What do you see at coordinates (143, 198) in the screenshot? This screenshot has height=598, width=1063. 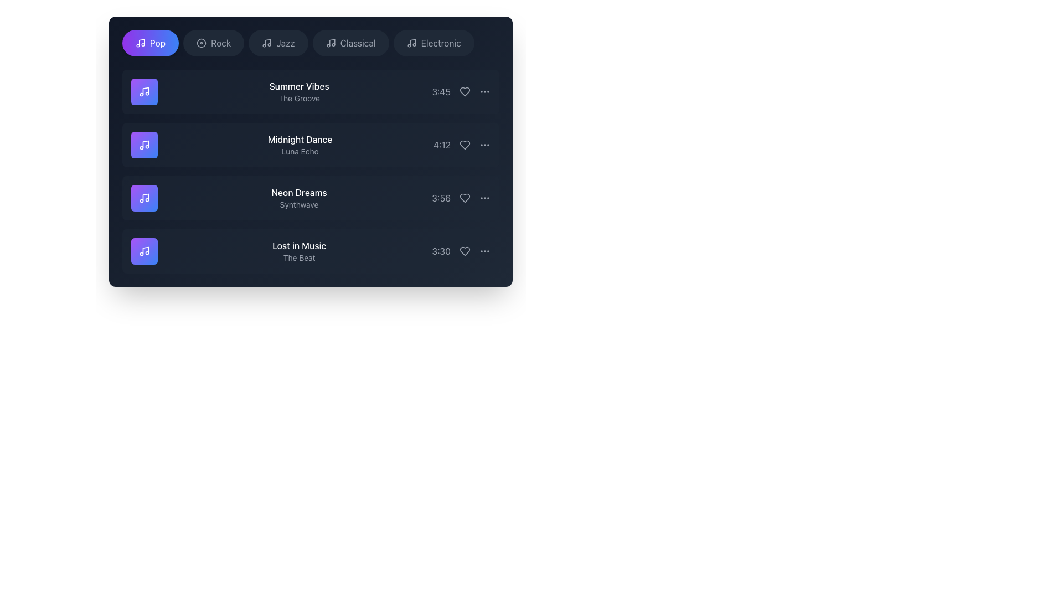 I see `the square icon with rounded corners featuring a gradient background from purple to blue, which contains a white music note icon, associated with the song 'Neon Dreams' in the 'Synthwave' genre` at bounding box center [143, 198].